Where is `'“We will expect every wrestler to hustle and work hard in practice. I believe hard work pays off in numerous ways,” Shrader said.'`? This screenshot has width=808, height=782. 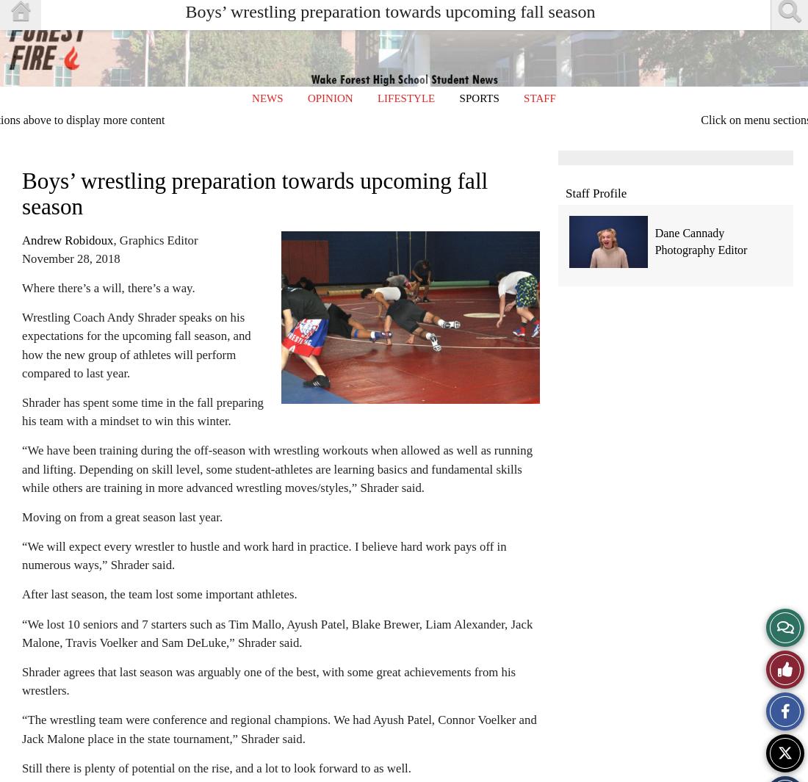 '“We will expect every wrestler to hustle and work hard in practice. I believe hard work pays off in numerous ways,” Shrader said.' is located at coordinates (264, 556).